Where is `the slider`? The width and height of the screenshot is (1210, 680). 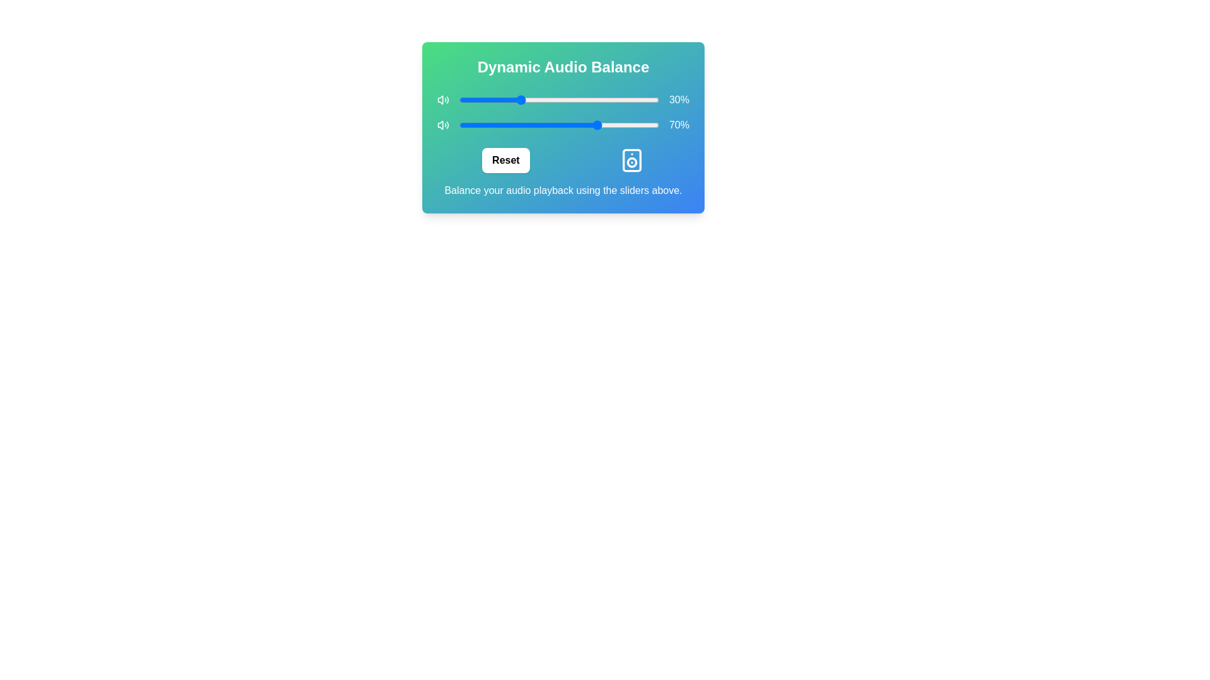 the slider is located at coordinates (464, 99).